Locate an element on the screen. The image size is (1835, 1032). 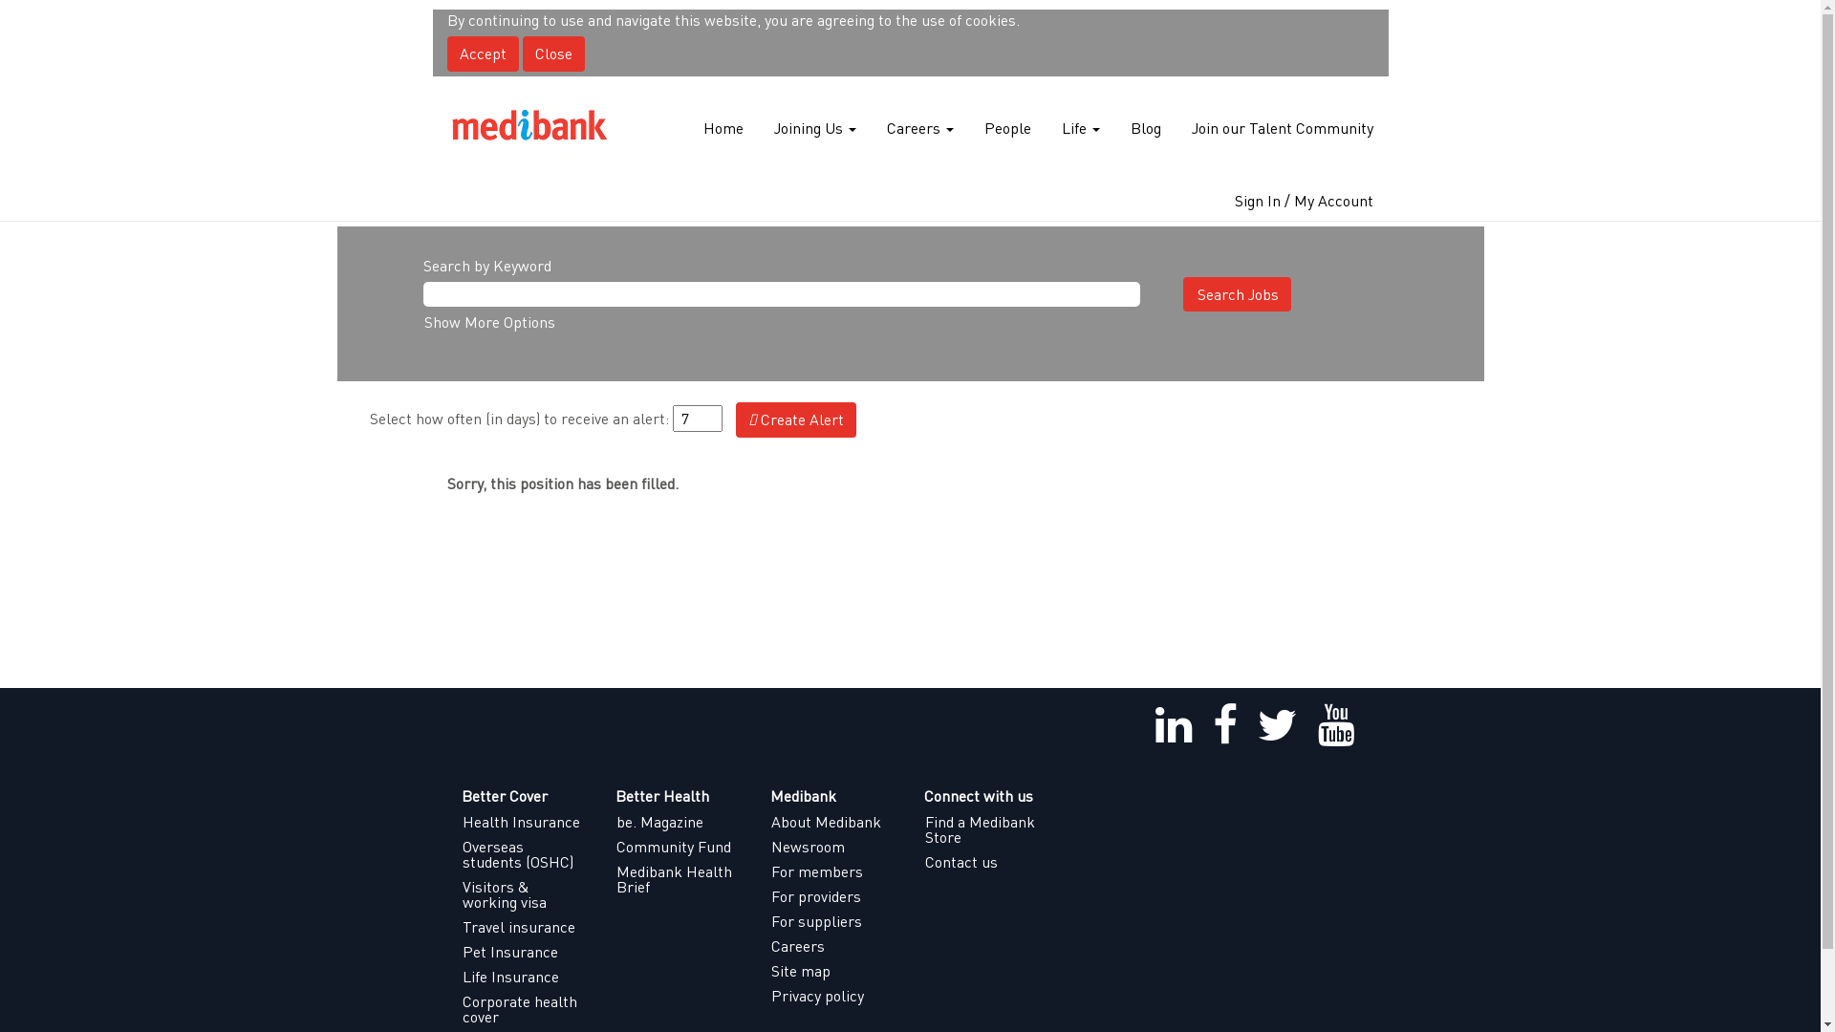
'For providers' is located at coordinates (833, 895).